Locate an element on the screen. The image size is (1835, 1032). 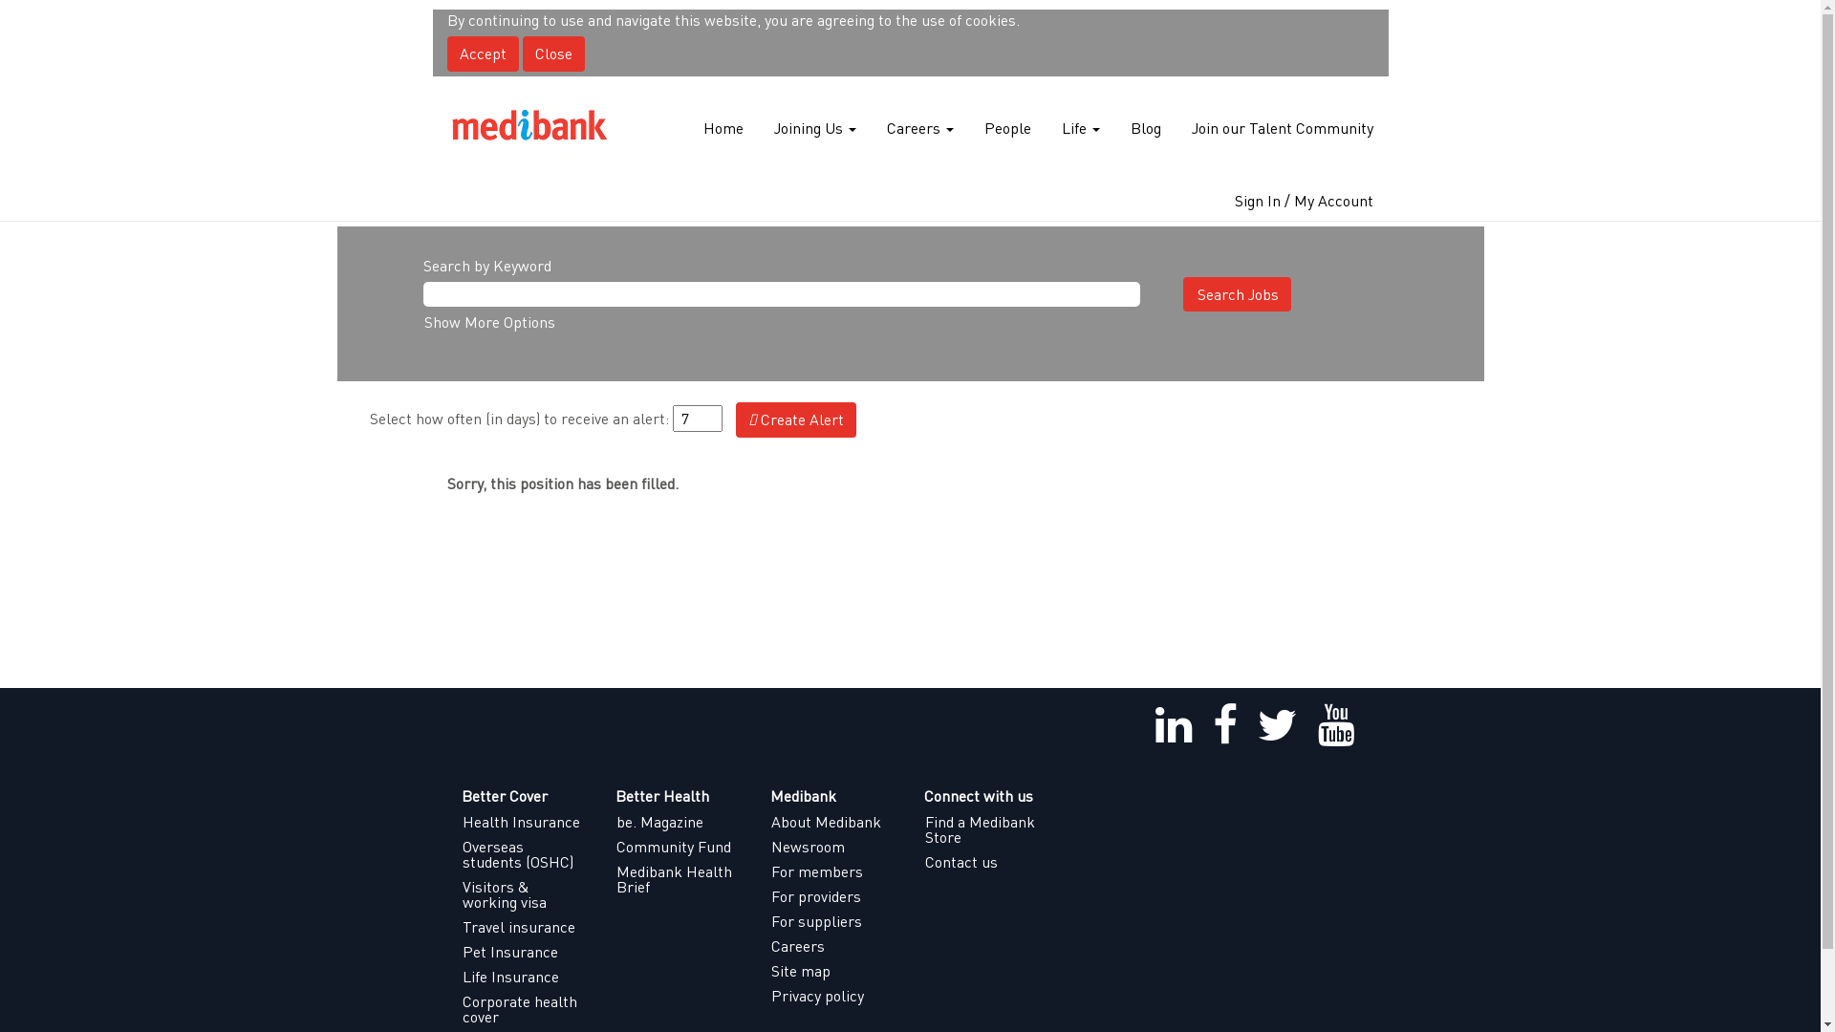
'For providers' is located at coordinates (833, 895).